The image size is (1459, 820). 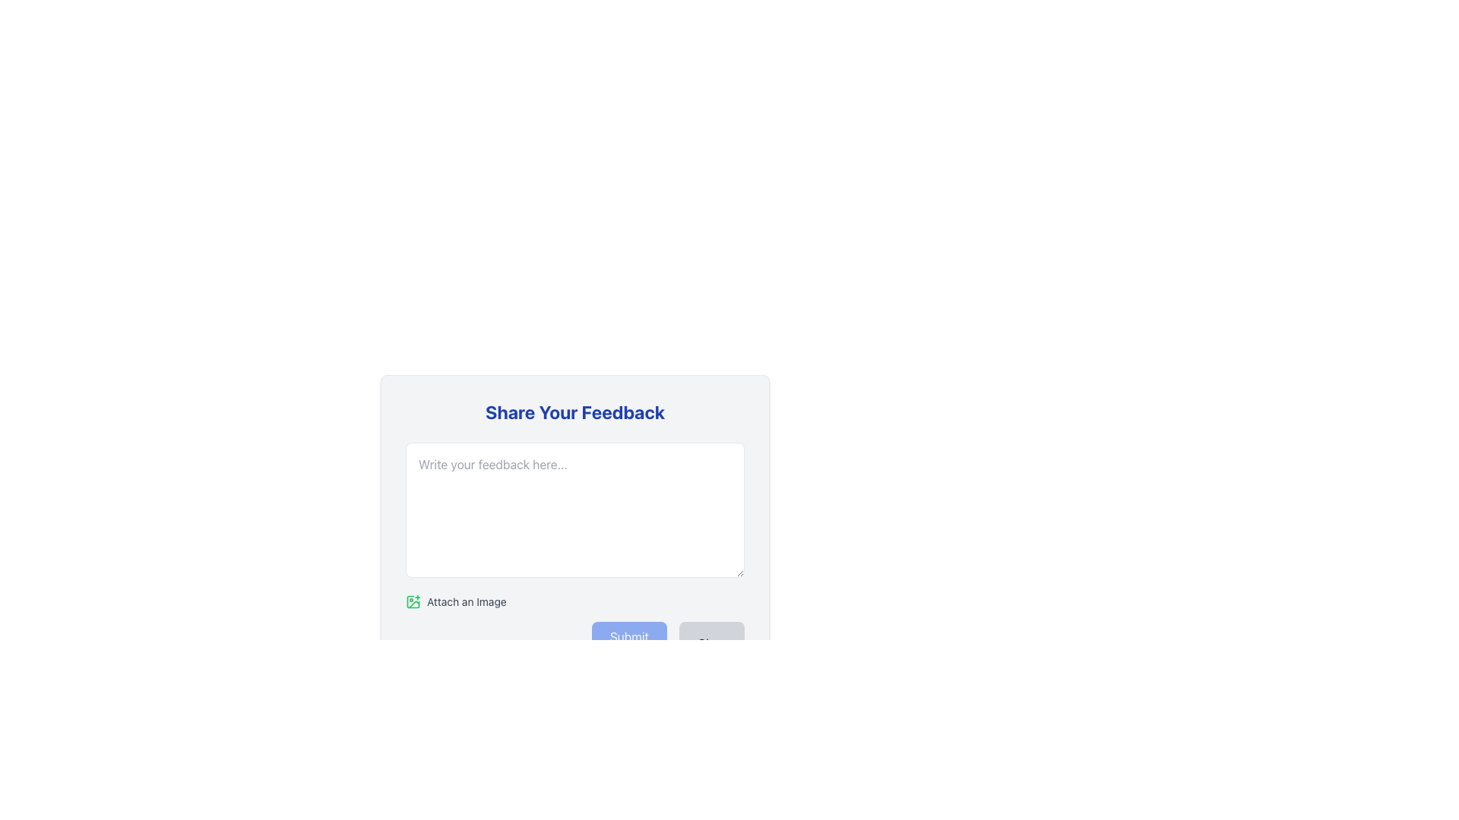 What do you see at coordinates (466, 601) in the screenshot?
I see `the descriptive text label indicating that the user can attach an image, located in the bottom left side of the feedback modal, aligned horizontally with a green icon` at bounding box center [466, 601].